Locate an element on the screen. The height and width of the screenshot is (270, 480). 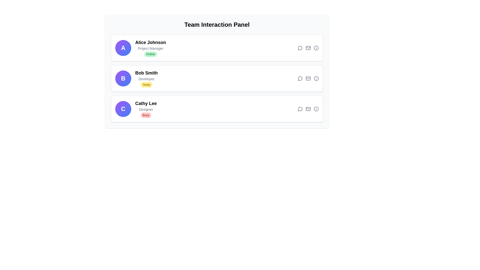
the Circular Badge, which is a prominent circular element displaying the letter 'C' in white, bold text, located in the third row of the card layout is located at coordinates (123, 108).